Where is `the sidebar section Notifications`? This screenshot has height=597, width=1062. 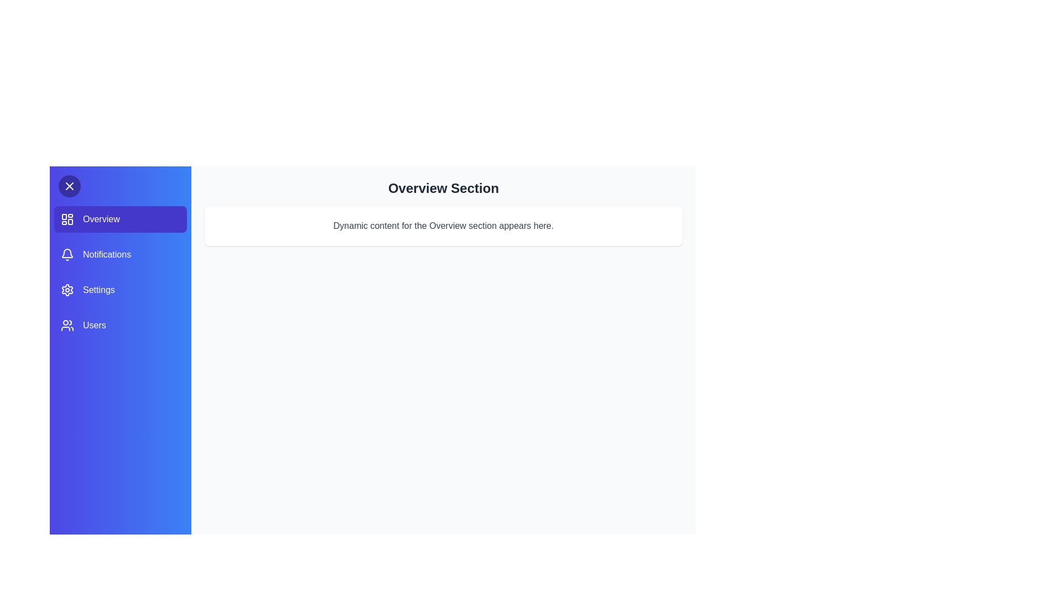
the sidebar section Notifications is located at coordinates (120, 255).